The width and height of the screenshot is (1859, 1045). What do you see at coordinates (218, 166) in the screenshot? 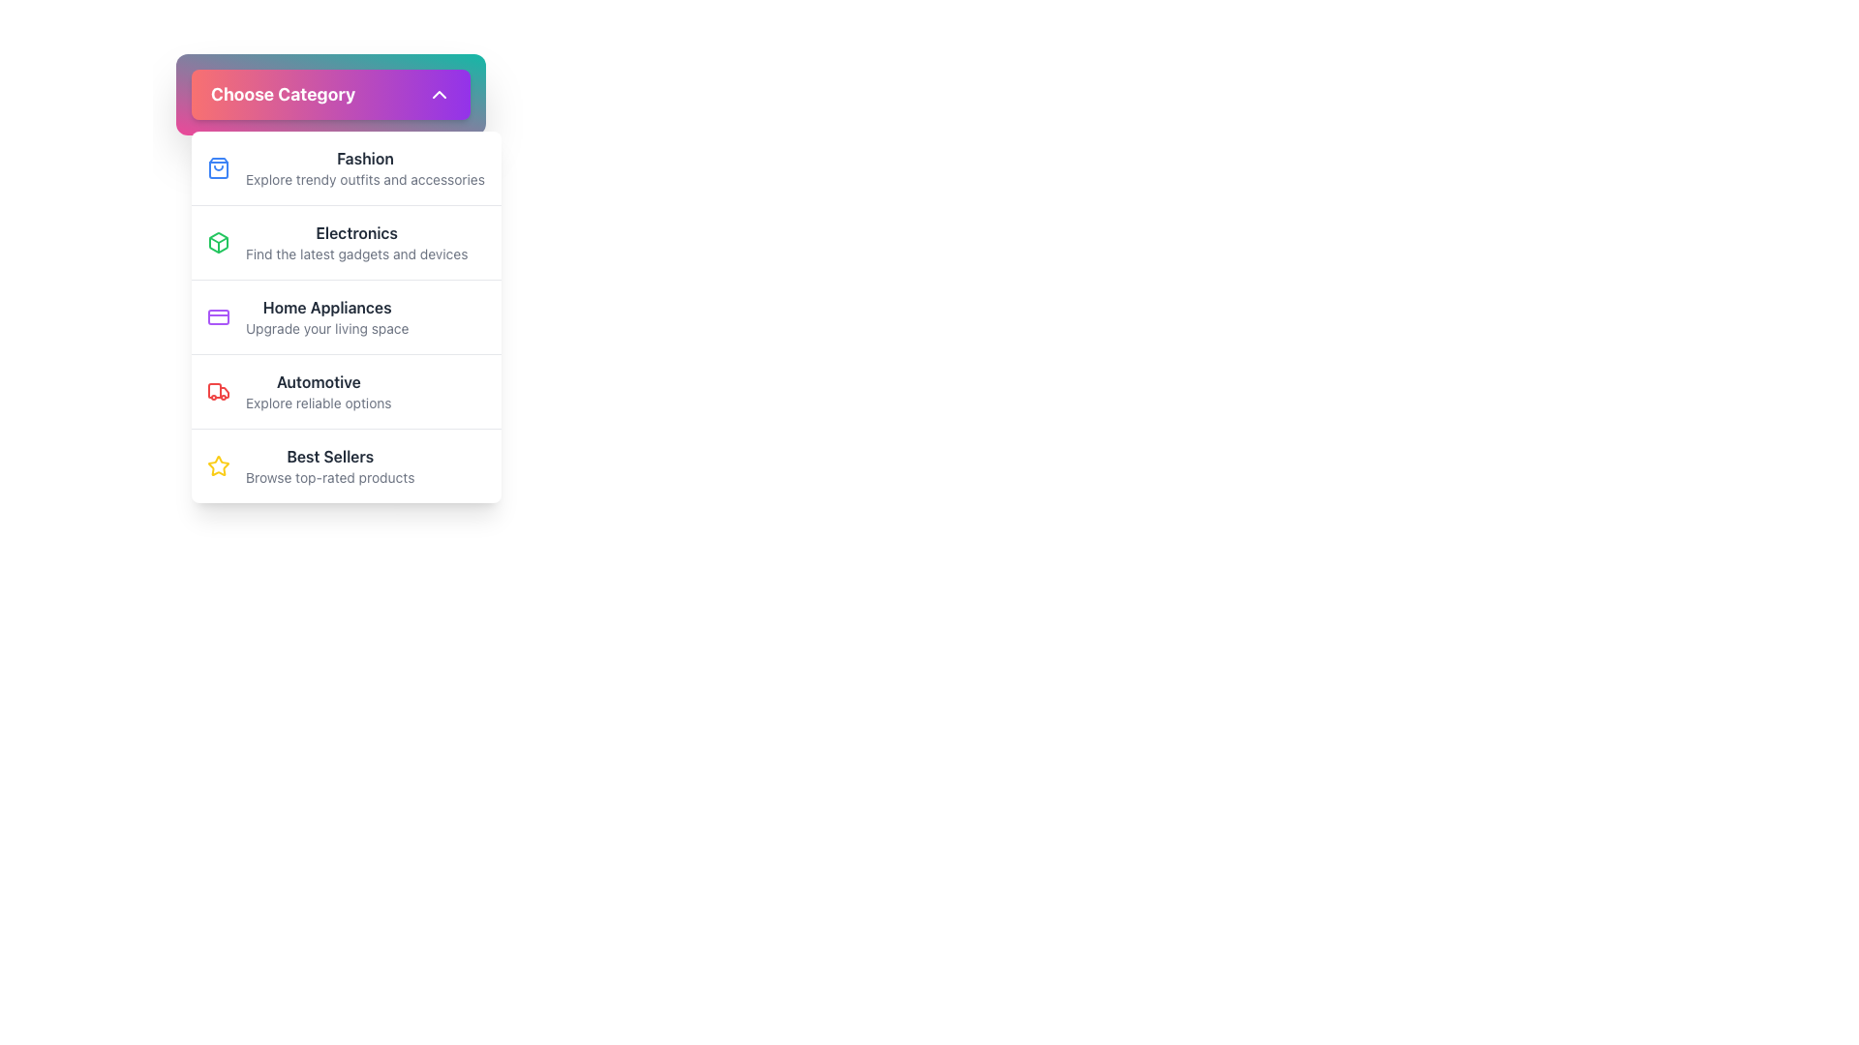
I see `the shopping bag icon located to the left of the 'Fashion' text label for visual context` at bounding box center [218, 166].